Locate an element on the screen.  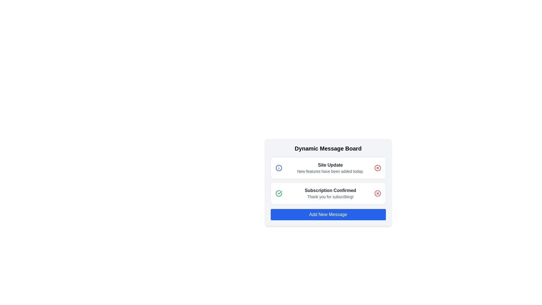
text label providing additional context related to the message or notification above it, which is located below the bold header 'Site Update' is located at coordinates (330, 171).